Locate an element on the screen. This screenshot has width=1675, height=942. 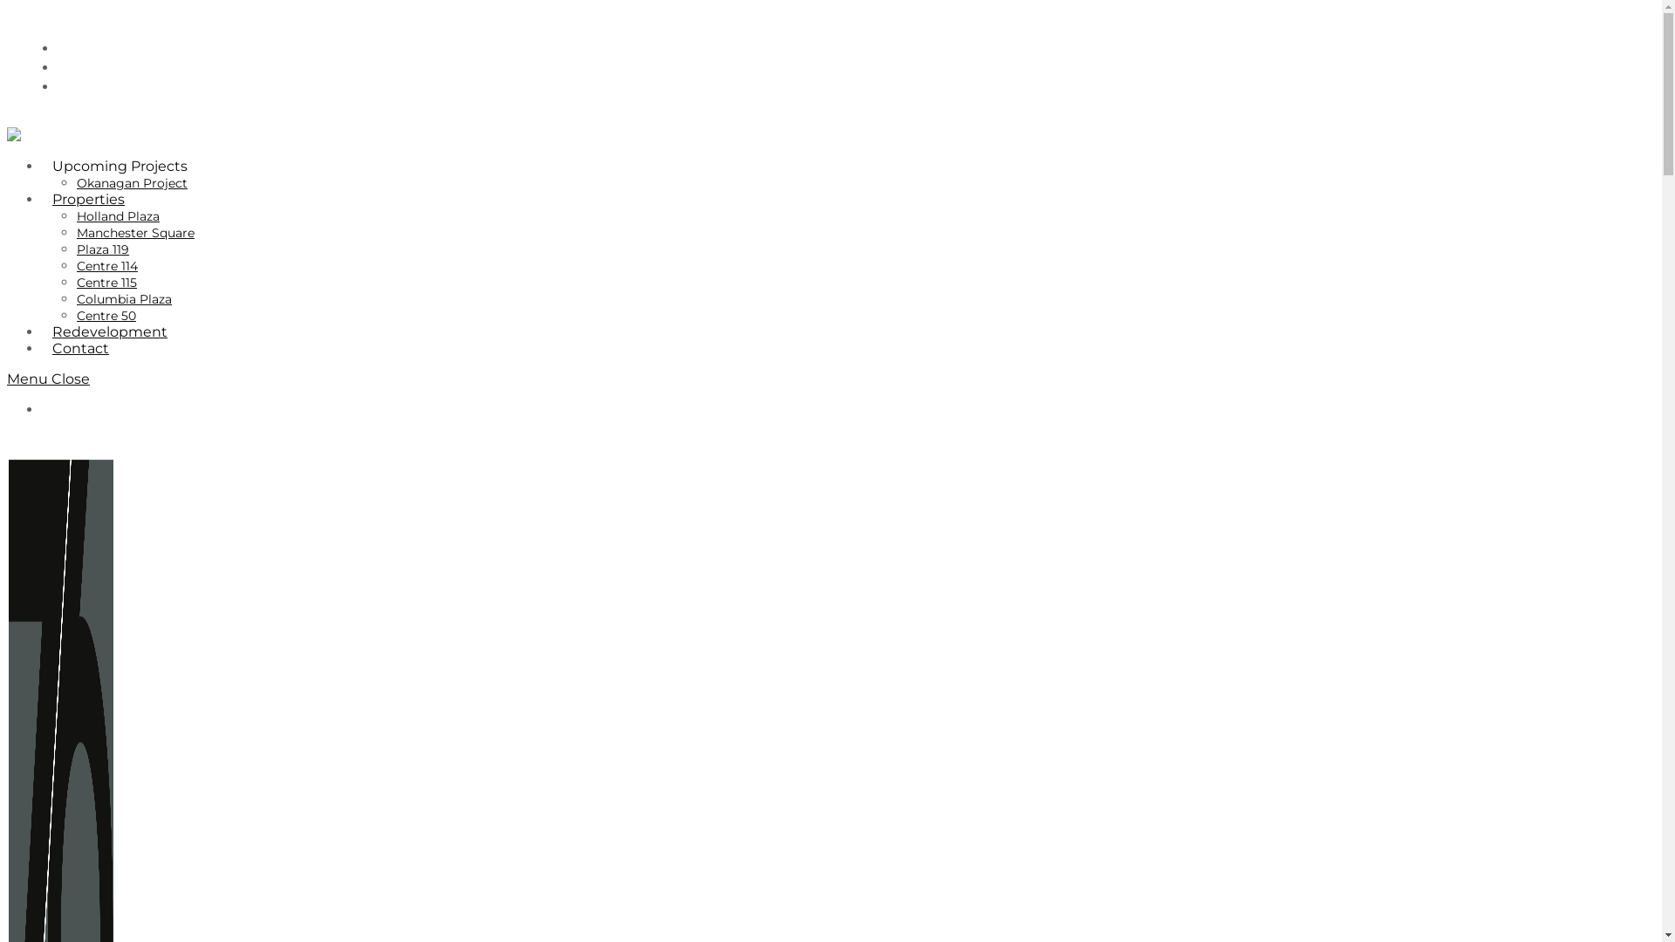
'Centre 50' is located at coordinates (105, 316).